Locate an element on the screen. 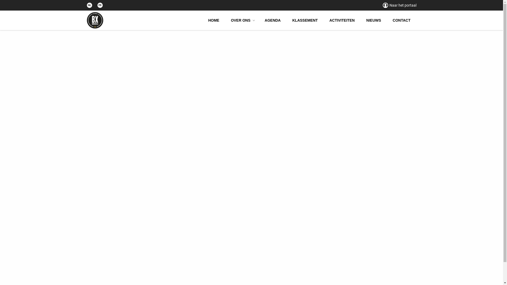  'KLASSEMENT' is located at coordinates (305, 20).